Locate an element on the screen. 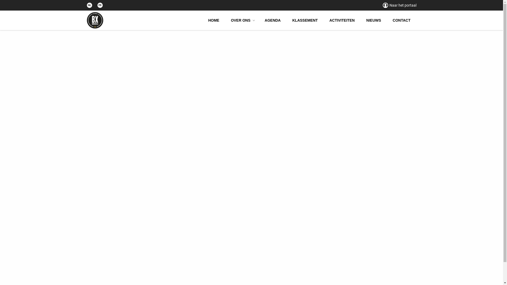  'KLASSEMENT' is located at coordinates (305, 20).